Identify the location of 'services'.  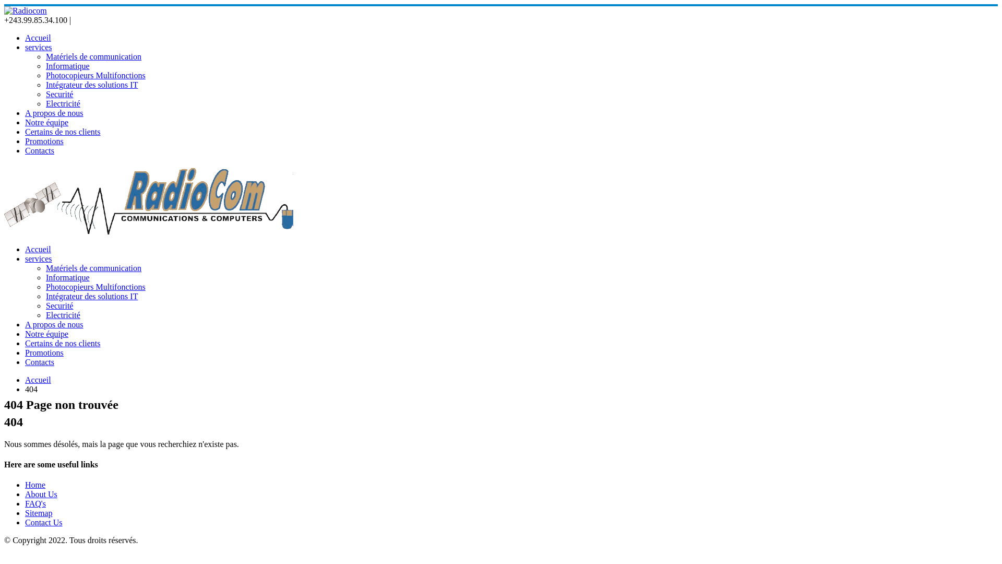
(38, 258).